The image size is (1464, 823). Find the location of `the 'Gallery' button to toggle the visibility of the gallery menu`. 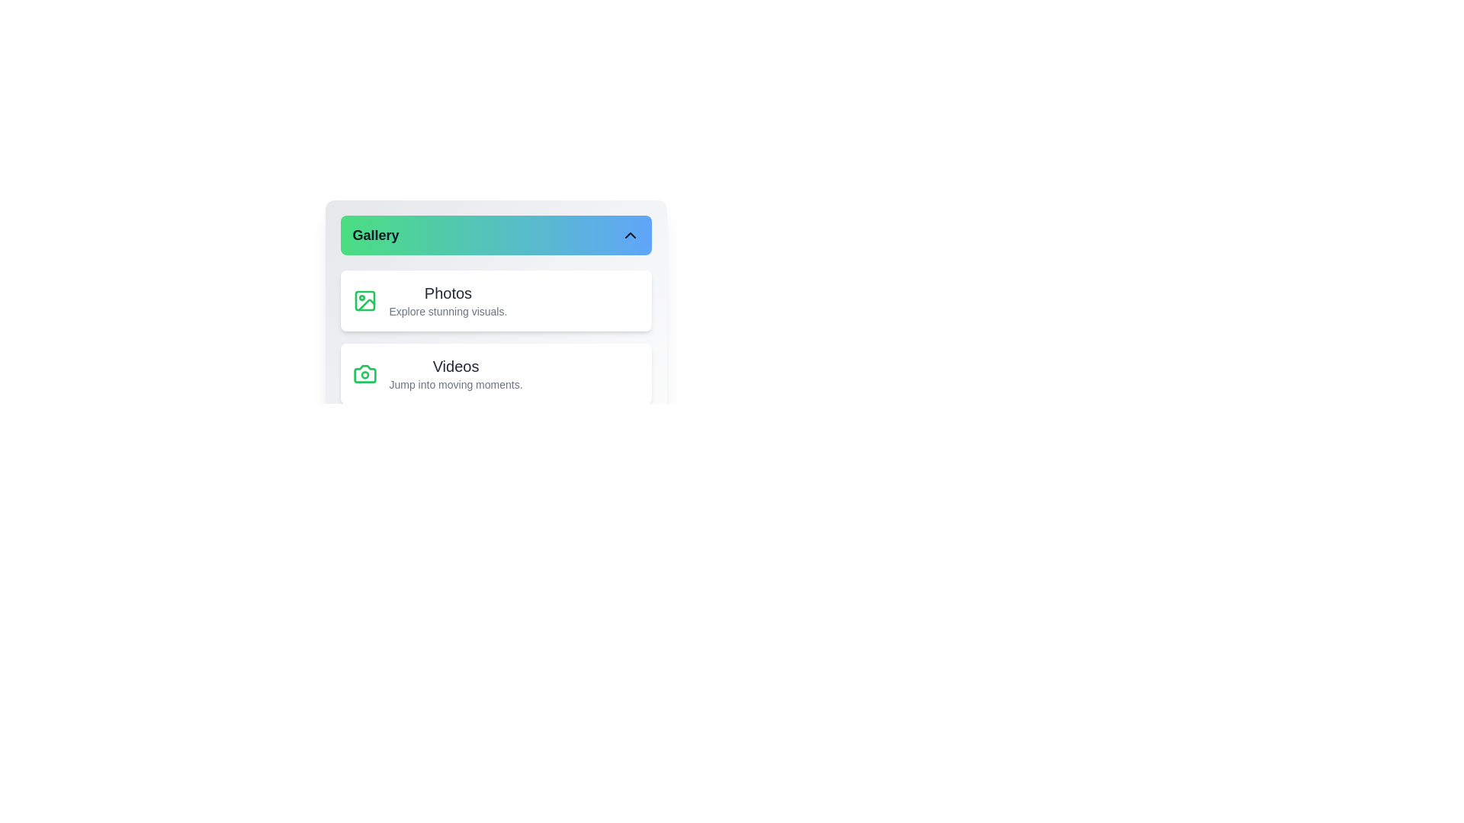

the 'Gallery' button to toggle the visibility of the gallery menu is located at coordinates (496, 235).